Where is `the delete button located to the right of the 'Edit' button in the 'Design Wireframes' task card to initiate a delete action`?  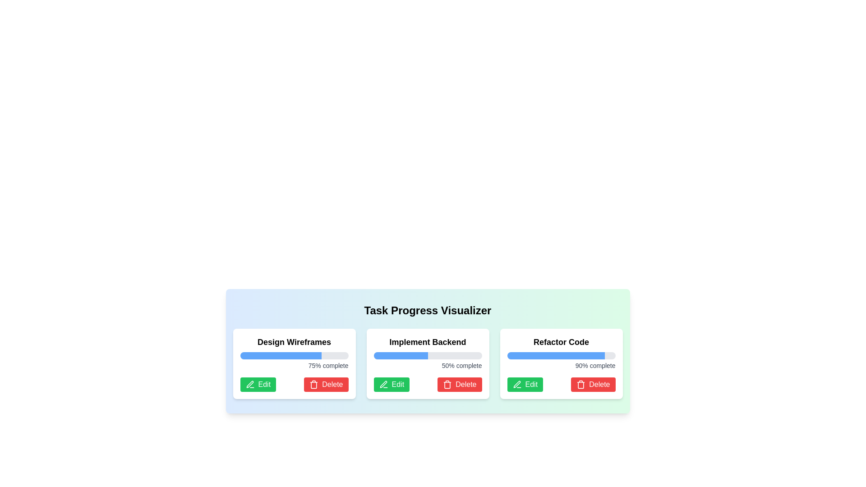
the delete button located to the right of the 'Edit' button in the 'Design Wireframes' task card to initiate a delete action is located at coordinates (326, 384).